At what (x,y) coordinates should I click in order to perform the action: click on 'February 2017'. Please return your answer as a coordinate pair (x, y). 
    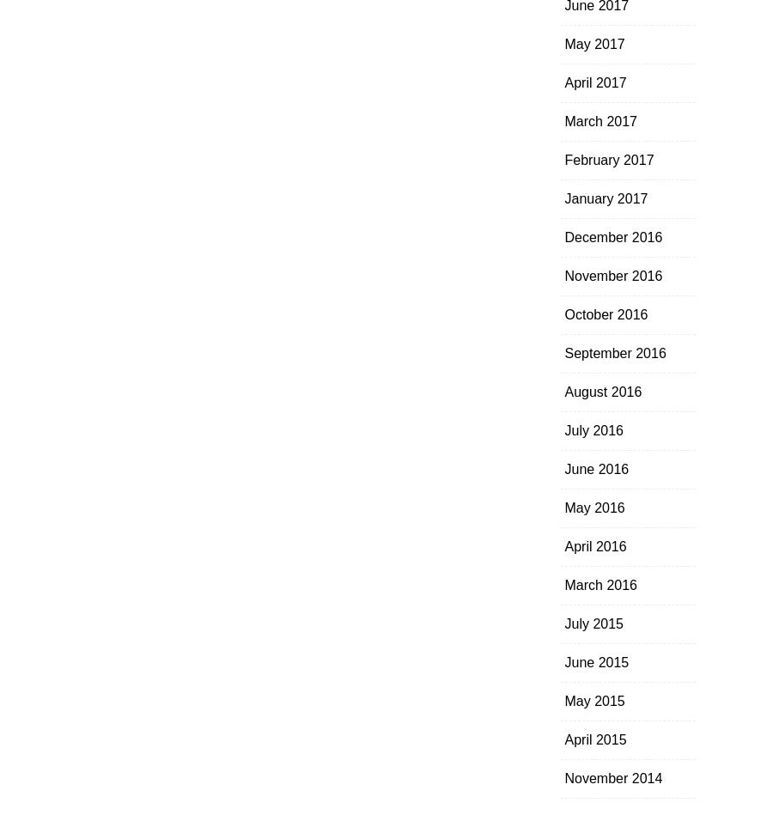
    Looking at the image, I should click on (608, 159).